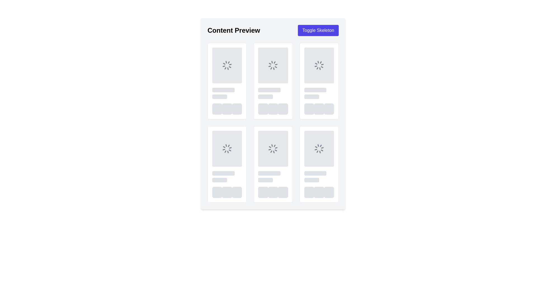 This screenshot has width=537, height=302. Describe the element at coordinates (319, 148) in the screenshot. I see `the loading status of the loading animation located in the bottom-right corner of the grid cell, which indicates the loading state of its associated content` at that location.